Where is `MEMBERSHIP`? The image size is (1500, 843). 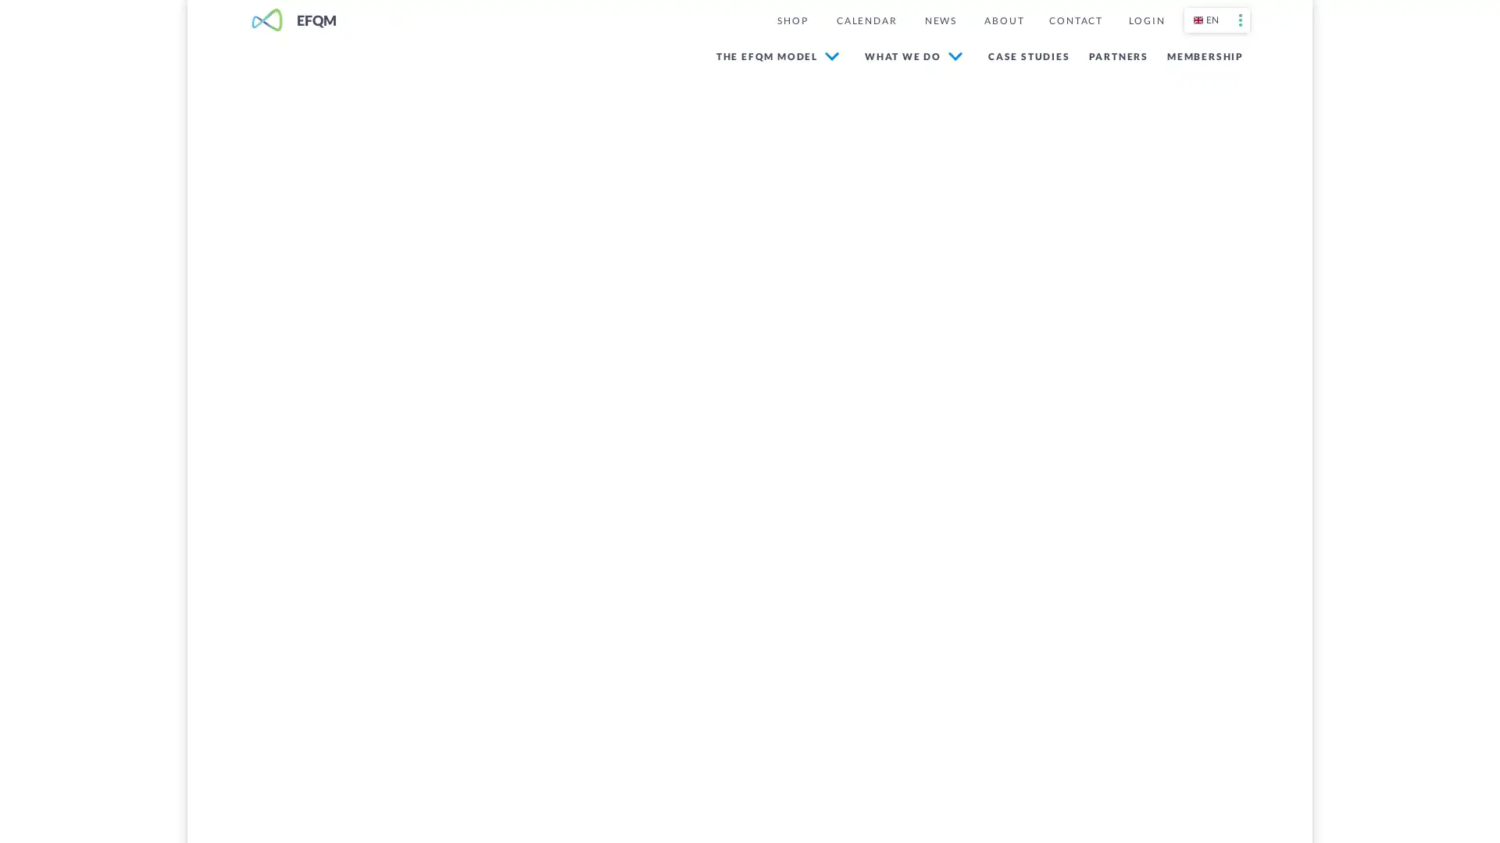 MEMBERSHIP is located at coordinates (1202, 55).